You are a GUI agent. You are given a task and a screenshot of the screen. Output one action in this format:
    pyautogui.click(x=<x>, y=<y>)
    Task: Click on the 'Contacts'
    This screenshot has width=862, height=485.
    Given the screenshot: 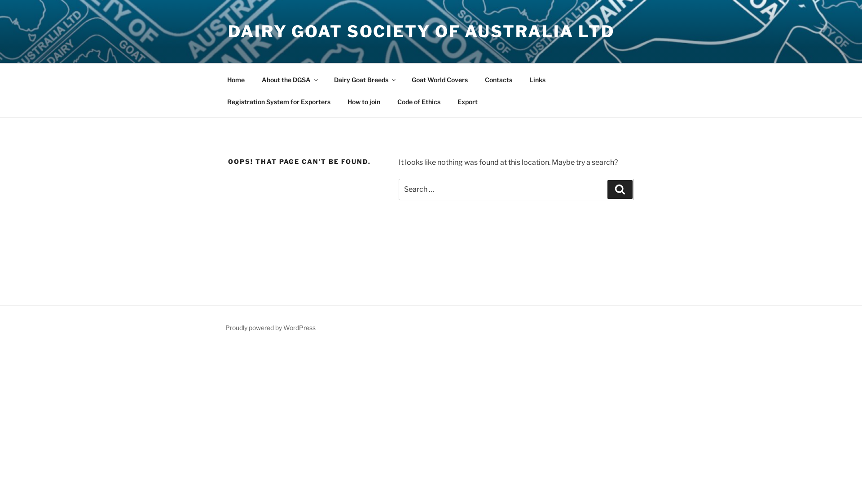 What is the action you would take?
    pyautogui.click(x=497, y=79)
    